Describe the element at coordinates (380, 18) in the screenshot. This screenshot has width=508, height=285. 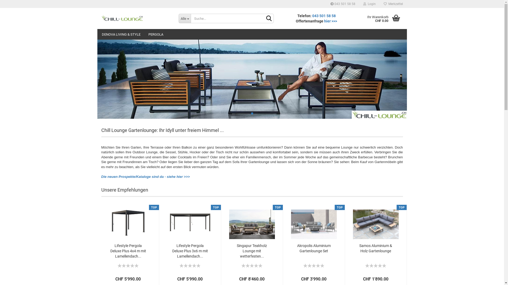
I see `'Ihr Warenkorb` at that location.